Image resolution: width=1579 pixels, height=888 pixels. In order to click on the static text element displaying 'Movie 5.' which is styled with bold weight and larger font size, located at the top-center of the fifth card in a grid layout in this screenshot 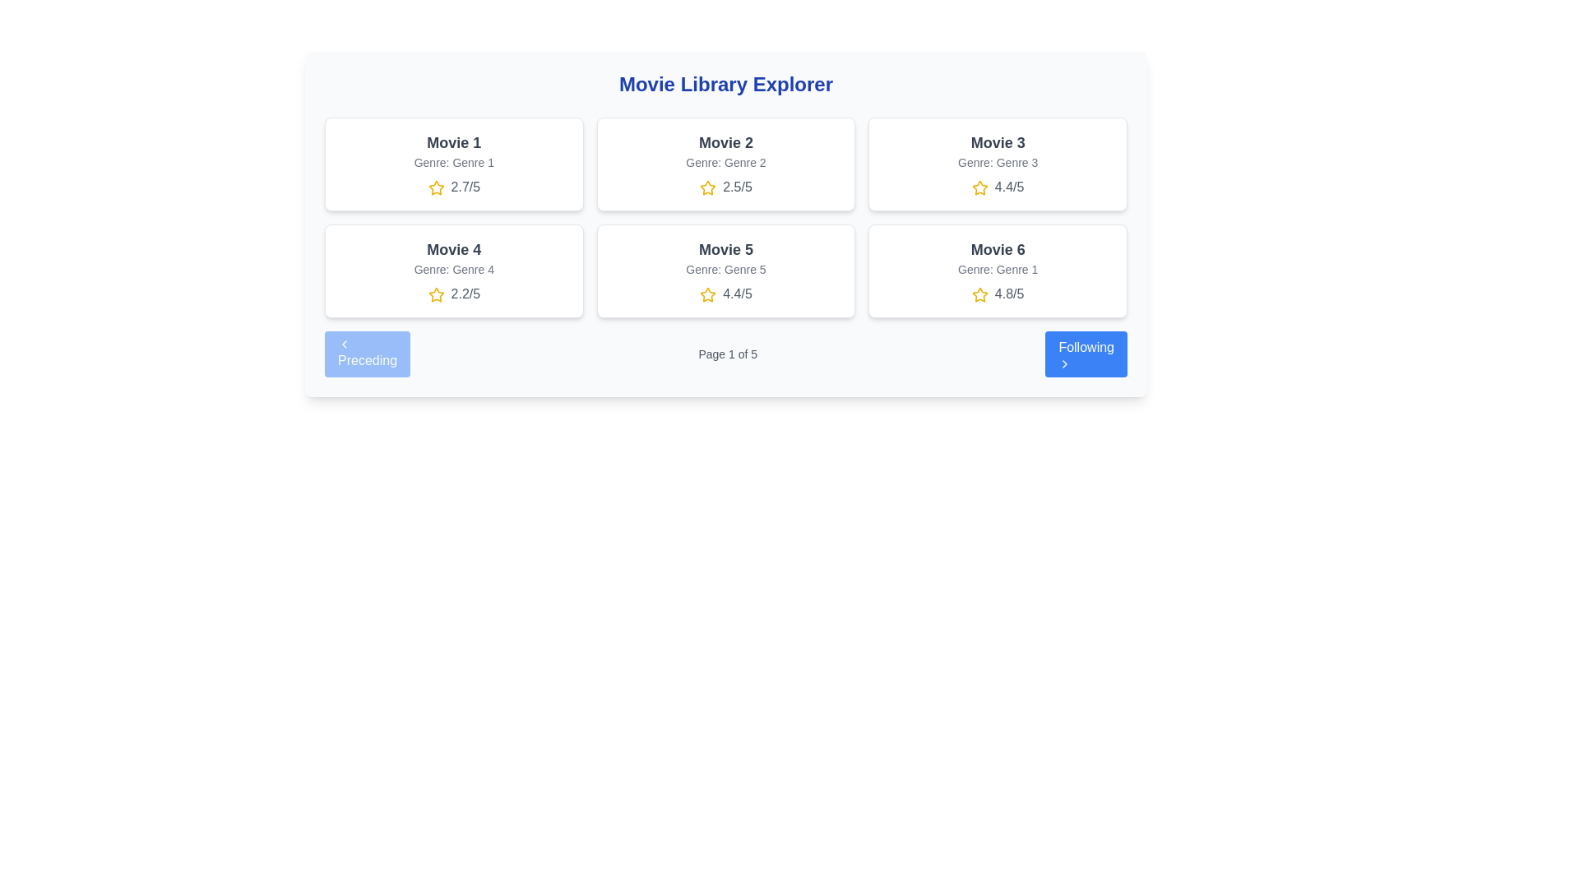, I will do `click(725, 250)`.